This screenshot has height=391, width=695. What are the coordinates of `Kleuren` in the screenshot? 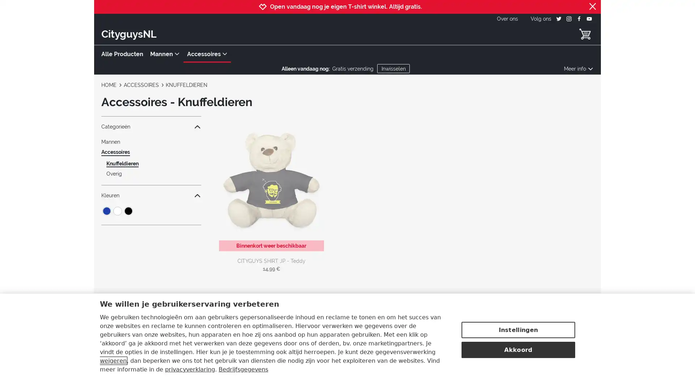 It's located at (151, 195).